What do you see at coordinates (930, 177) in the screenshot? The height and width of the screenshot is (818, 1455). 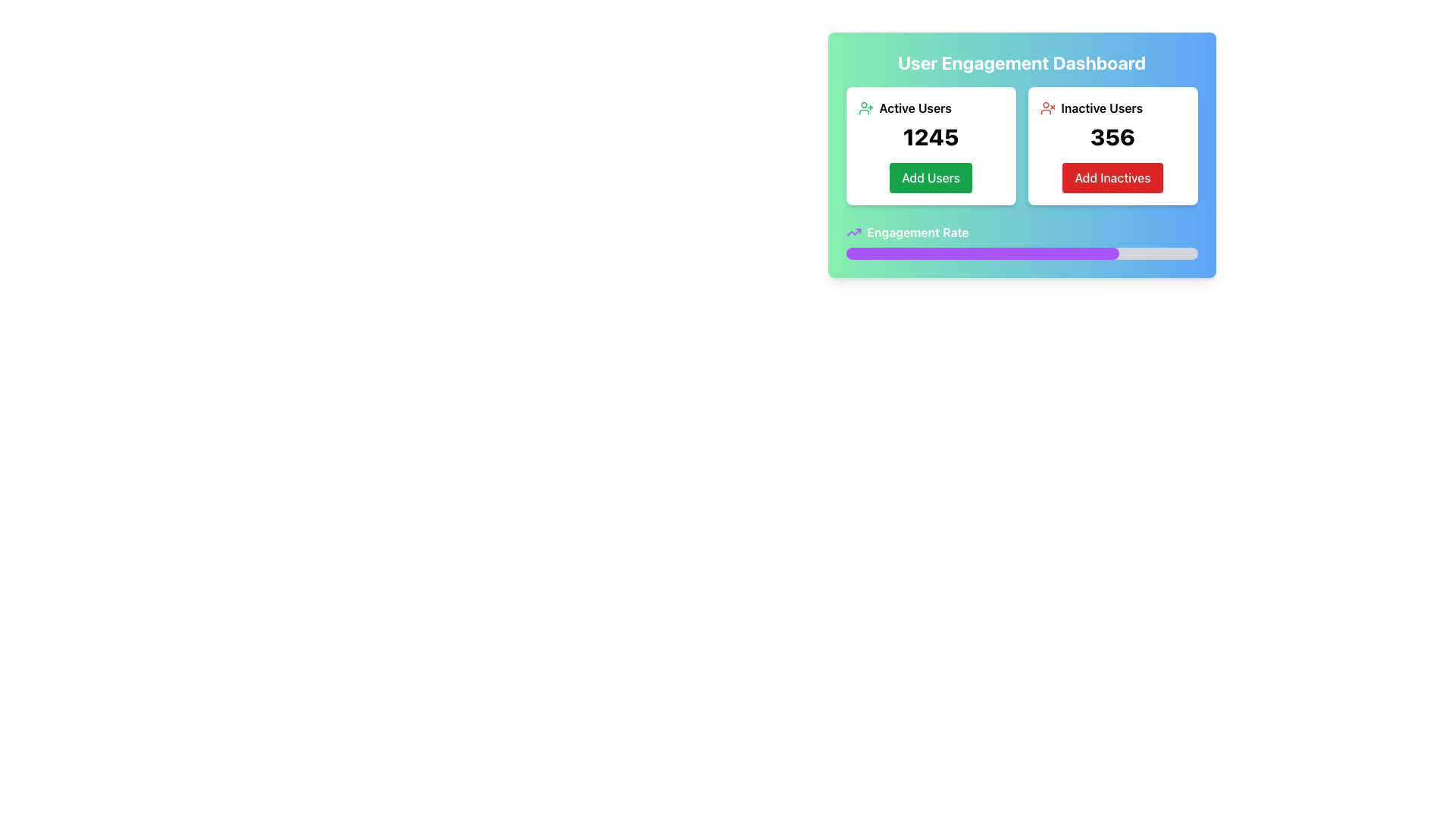 I see `the 'Add User' button located in the lower section of the 'Active Users' card` at bounding box center [930, 177].